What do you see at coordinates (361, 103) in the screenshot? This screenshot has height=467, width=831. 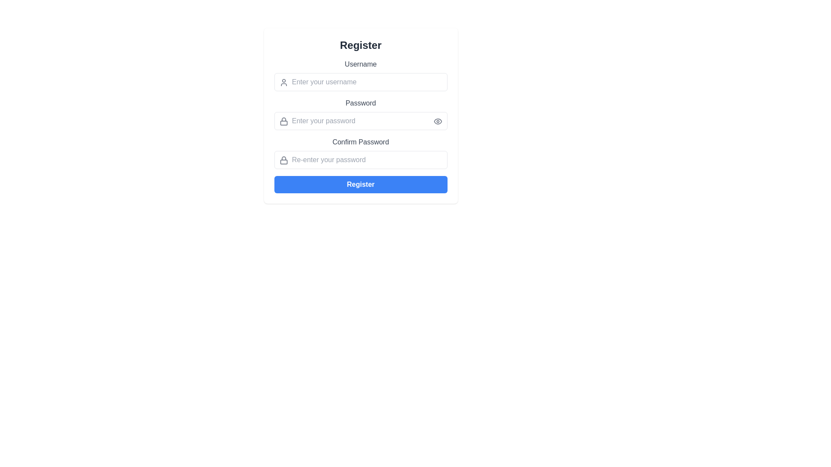 I see `the label indicating that the user needs to input their password, which is located in the middle section of the registration form, directly below the 'Username' field and above the 'Password' input field` at bounding box center [361, 103].